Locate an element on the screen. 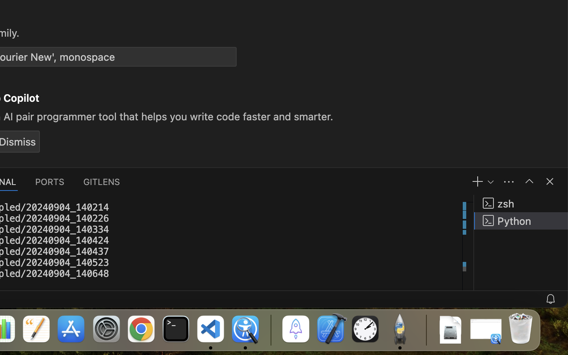 This screenshot has height=355, width=568. '0 GITLENS' is located at coordinates (102, 181).